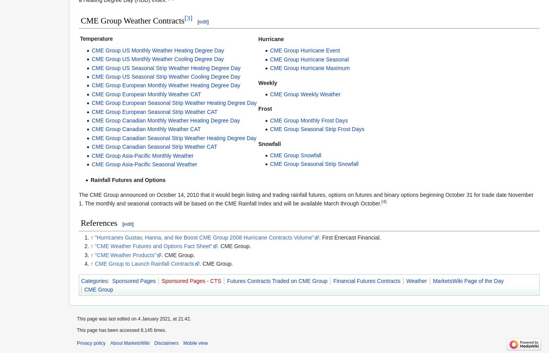  I want to click on 'Futures Contracts Traded on CME Group', so click(277, 280).